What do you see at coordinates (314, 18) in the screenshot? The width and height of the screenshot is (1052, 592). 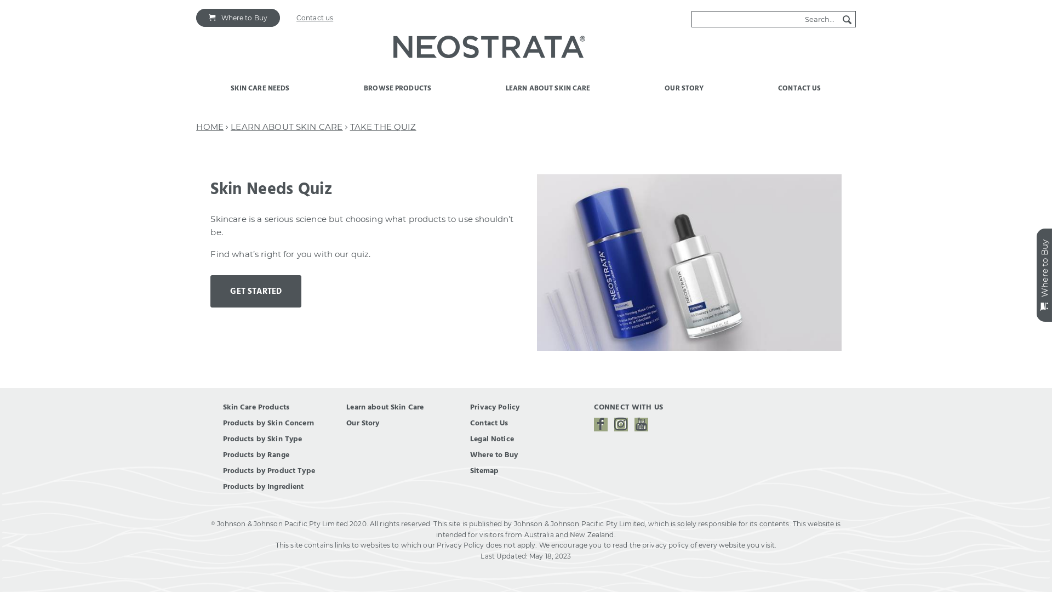 I see `'Contact us'` at bounding box center [314, 18].